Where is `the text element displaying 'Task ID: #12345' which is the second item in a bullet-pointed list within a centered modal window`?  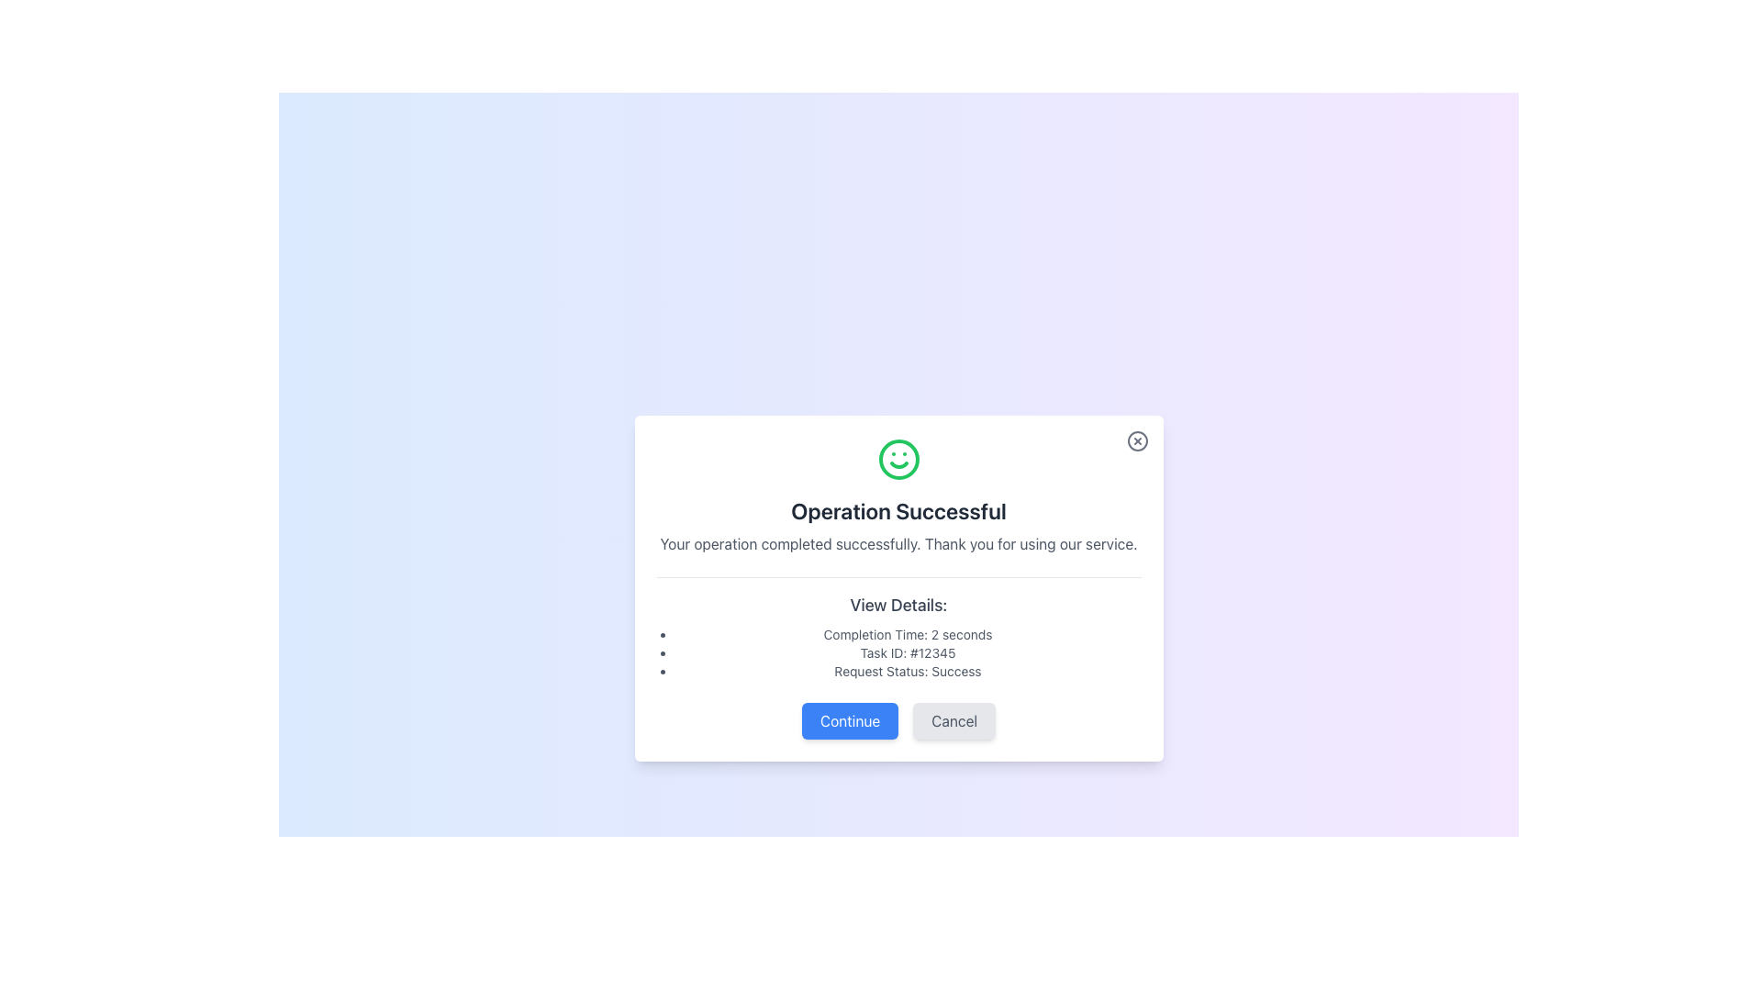
the text element displaying 'Task ID: #12345' which is the second item in a bullet-pointed list within a centered modal window is located at coordinates (908, 651).